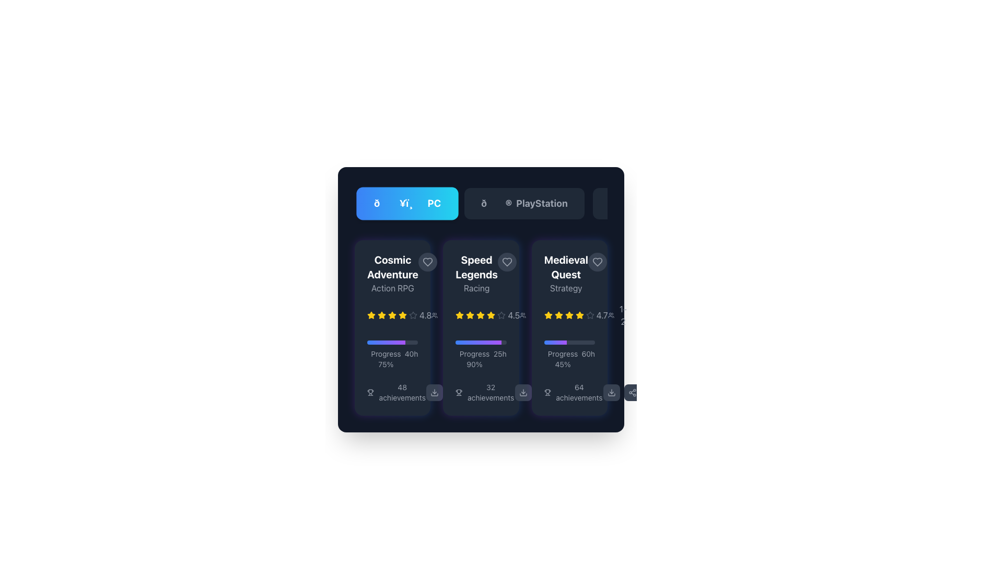  Describe the element at coordinates (480, 314) in the screenshot. I see `the second star icon in the rating system under the 'Speed Legends' game title` at that location.